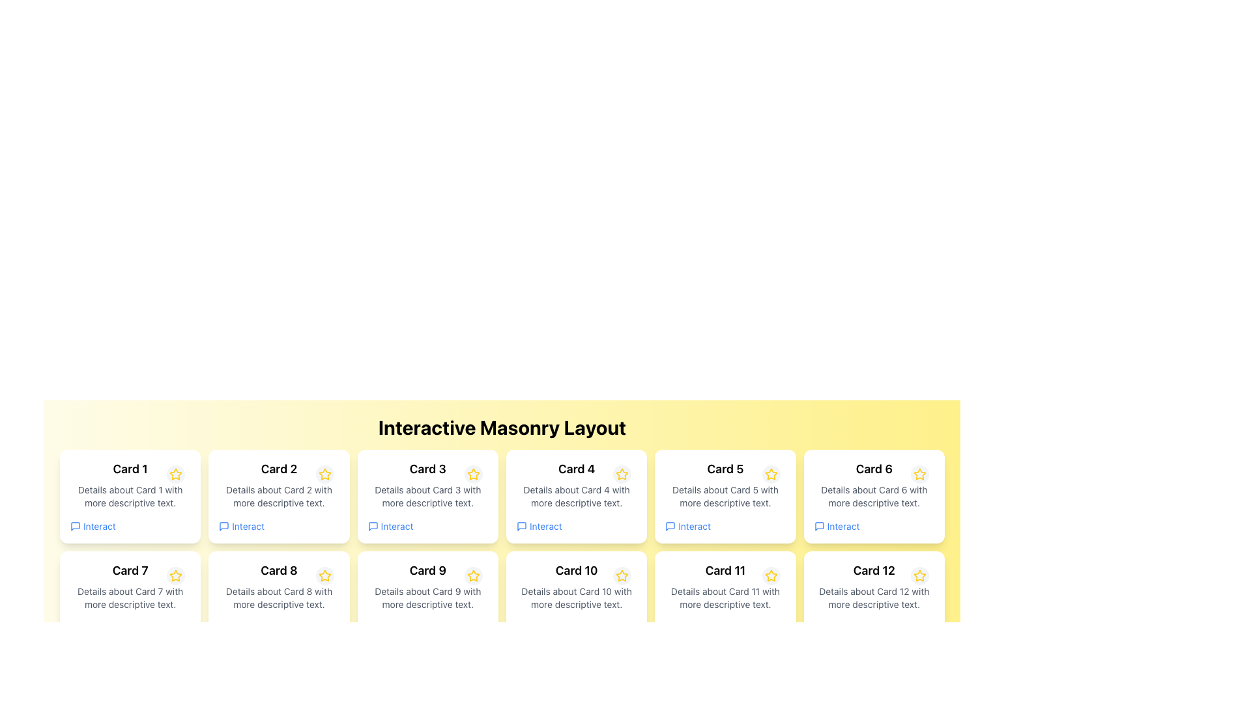 Image resolution: width=1251 pixels, height=703 pixels. What do you see at coordinates (919, 475) in the screenshot?
I see `the star-shaped button with a yellow border and white fill located in the top-right corner of 'Card 6' to trigger hover effects` at bounding box center [919, 475].